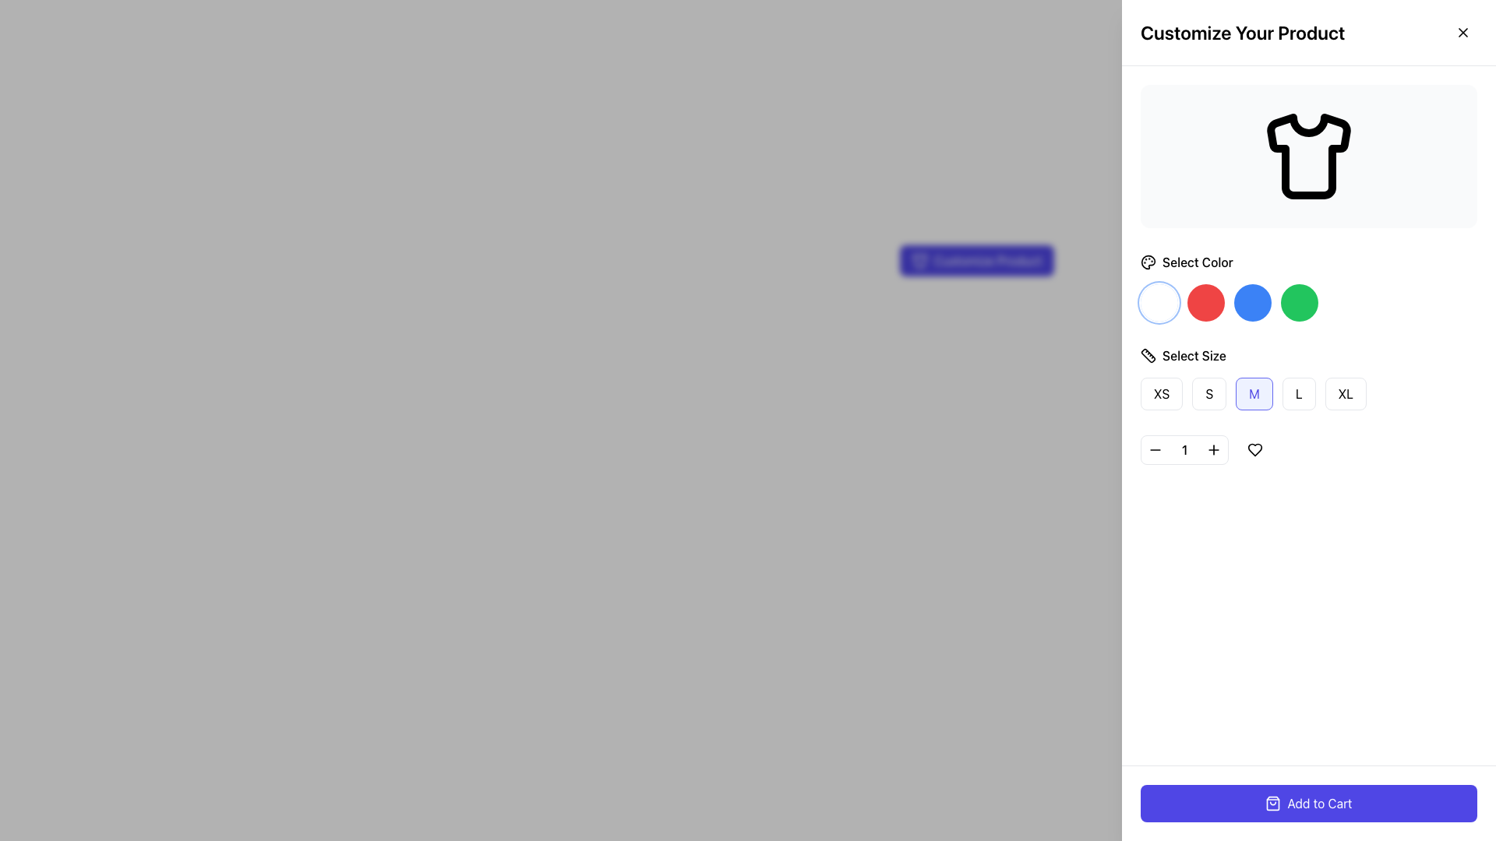 The height and width of the screenshot is (841, 1496). Describe the element at coordinates (1197, 261) in the screenshot. I see `the 'Select Color' text label, which is a black-colored medium font label indicating a medium level of importance, located in the right side panel of the interface under the T-shirt icon` at that location.